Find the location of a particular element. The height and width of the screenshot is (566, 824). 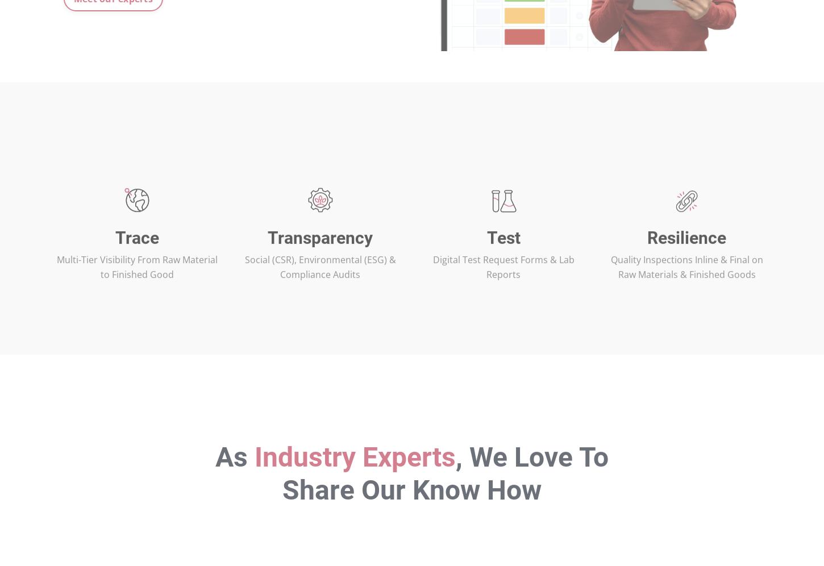

'Transparency' is located at coordinates (320, 273).